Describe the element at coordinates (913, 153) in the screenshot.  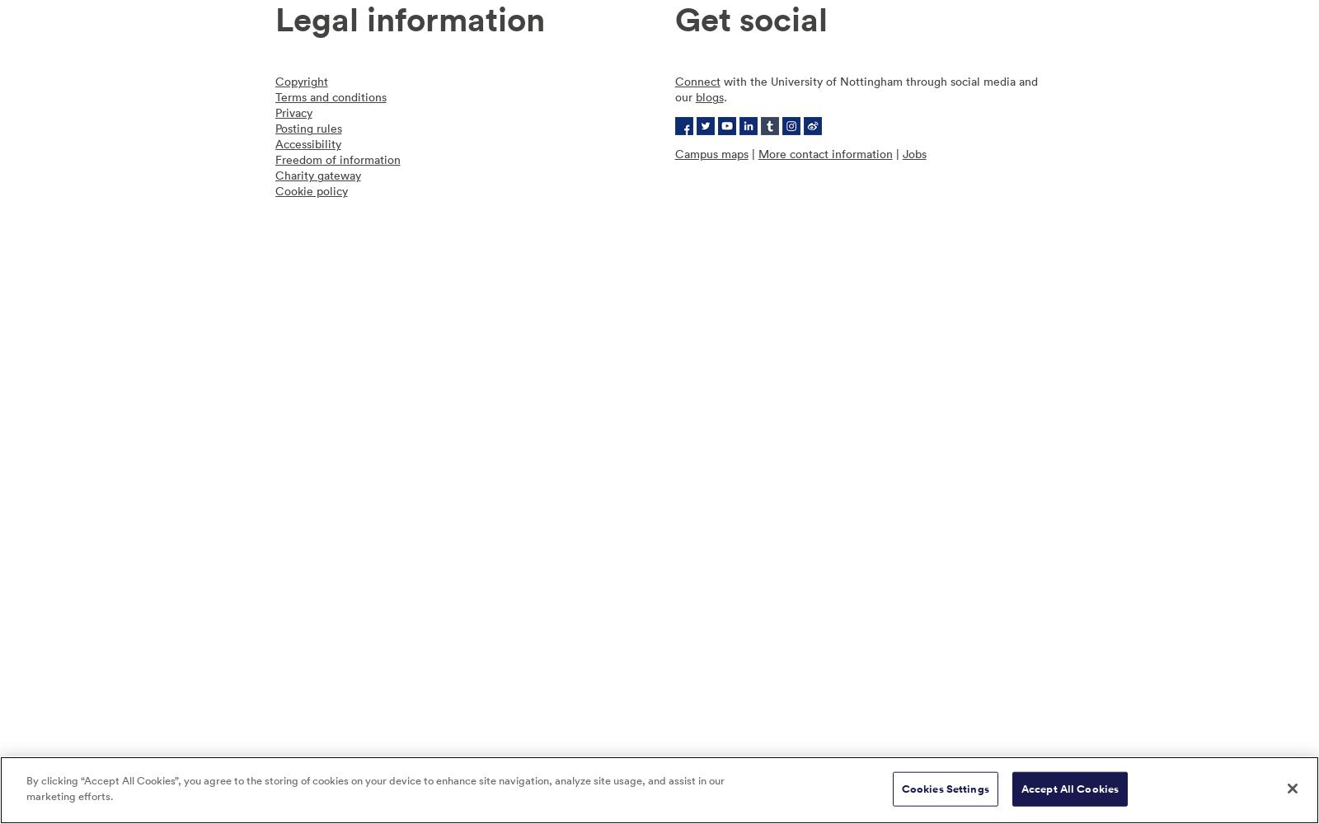
I see `'Jobs'` at that location.